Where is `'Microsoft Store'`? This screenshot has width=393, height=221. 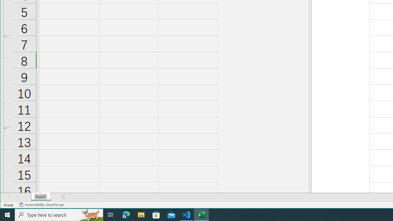 'Microsoft Store' is located at coordinates (156, 214).